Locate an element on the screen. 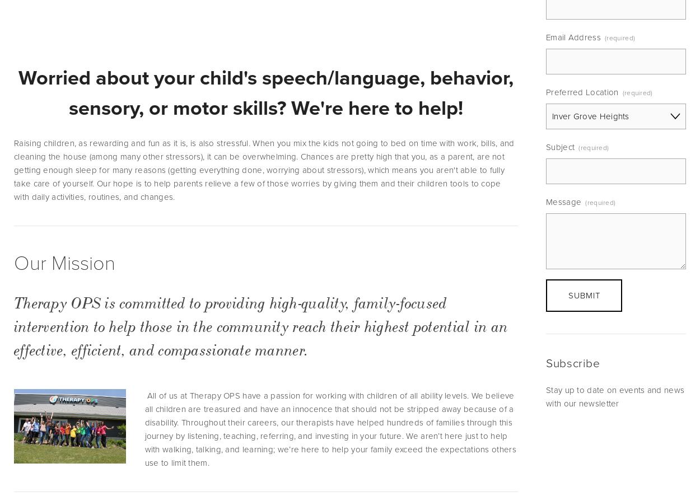  'Subject' is located at coordinates (545, 146).